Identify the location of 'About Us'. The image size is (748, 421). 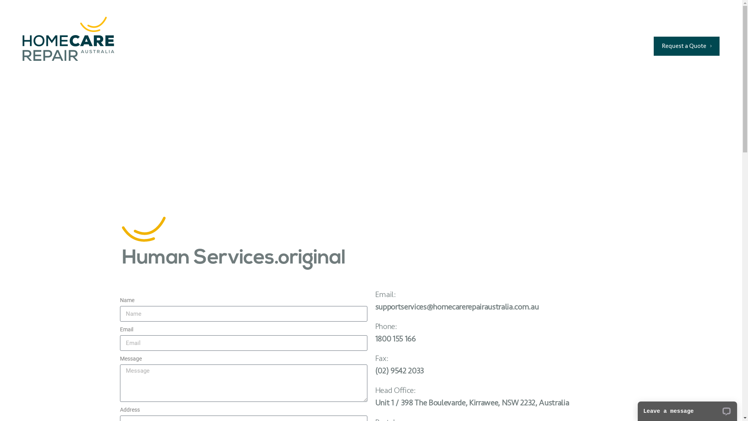
(479, 46).